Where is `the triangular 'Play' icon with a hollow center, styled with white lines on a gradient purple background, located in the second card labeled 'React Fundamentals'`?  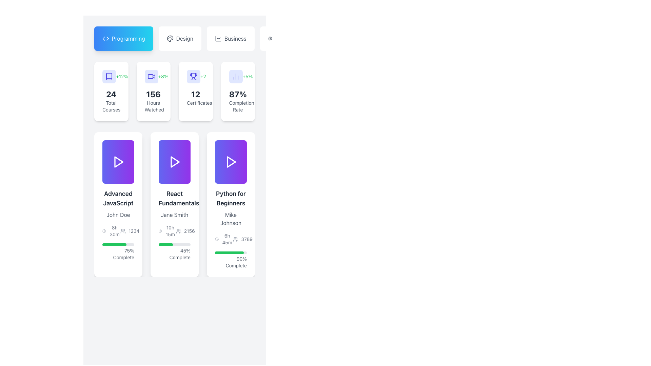
the triangular 'Play' icon with a hollow center, styled with white lines on a gradient purple background, located in the second card labeled 'React Fundamentals' is located at coordinates (174, 162).